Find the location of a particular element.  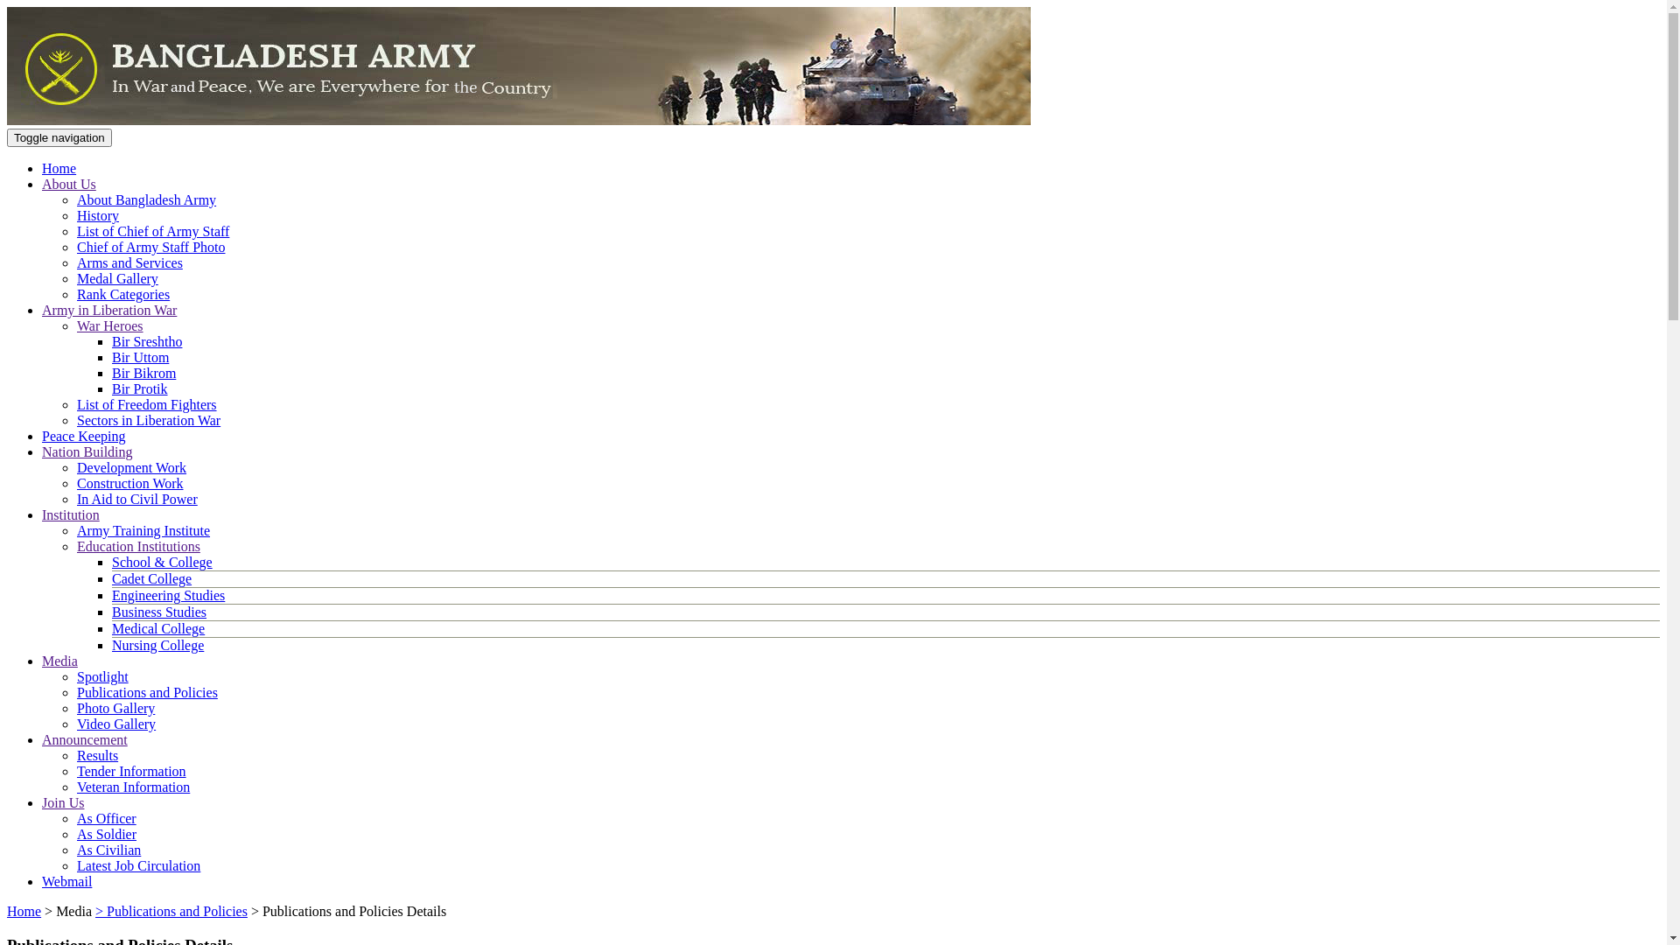

'In Aid to Civil Power' is located at coordinates (136, 499).